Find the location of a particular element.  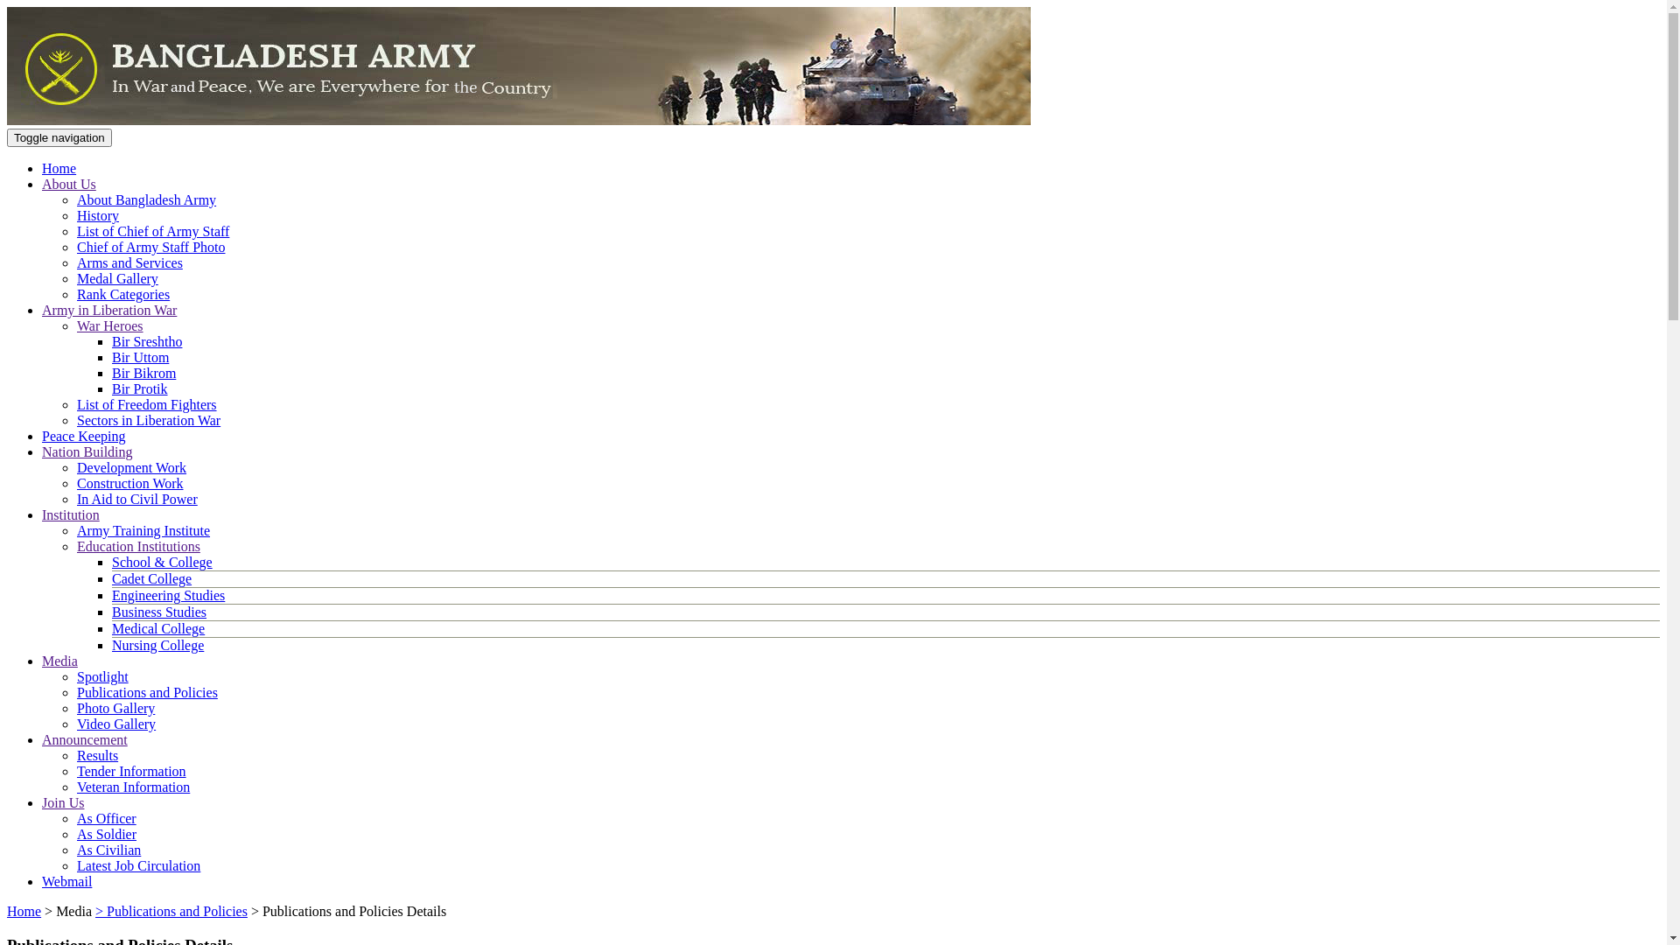

'In Aid to Civil Power' is located at coordinates (136, 499).